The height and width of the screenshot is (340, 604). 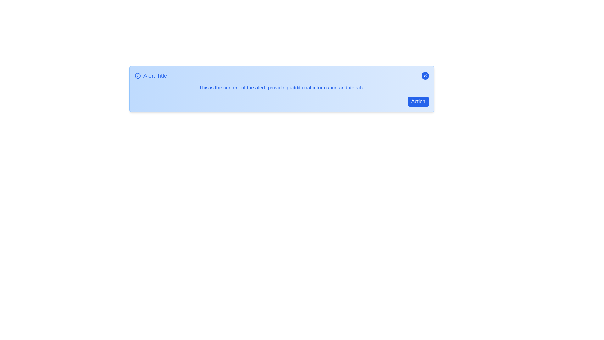 I want to click on 'Action' button to trigger its functionality, so click(x=418, y=101).